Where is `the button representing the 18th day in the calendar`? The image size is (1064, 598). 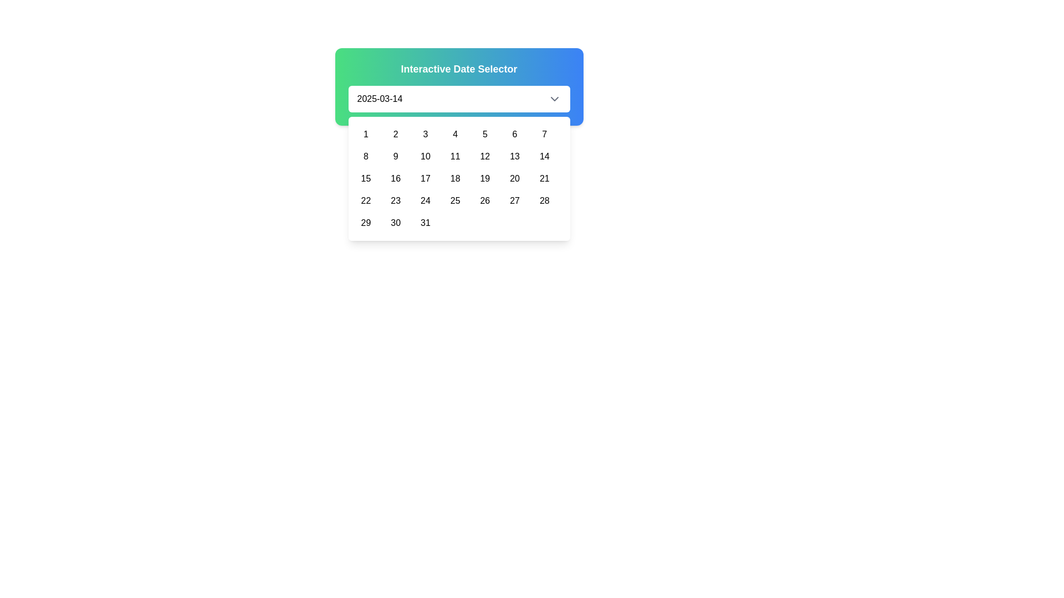
the button representing the 18th day in the calendar is located at coordinates (455, 178).